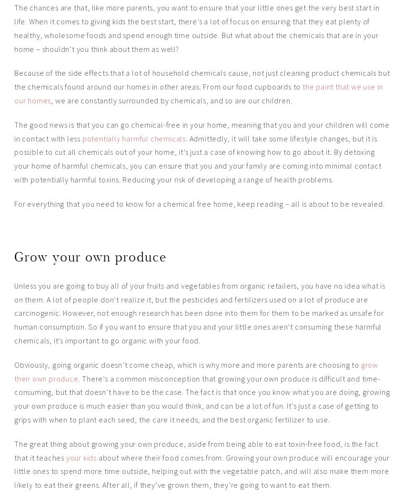 The image size is (405, 492). What do you see at coordinates (202, 470) in the screenshot?
I see `'about where their food comes from. Growing your own produce will encourage your little ones to spend more time outside, helping out with the vegetable patch, and will also make them more likely to eat their greens. After all, if they’ve grown them, they’re going to want to eat them.'` at bounding box center [202, 470].